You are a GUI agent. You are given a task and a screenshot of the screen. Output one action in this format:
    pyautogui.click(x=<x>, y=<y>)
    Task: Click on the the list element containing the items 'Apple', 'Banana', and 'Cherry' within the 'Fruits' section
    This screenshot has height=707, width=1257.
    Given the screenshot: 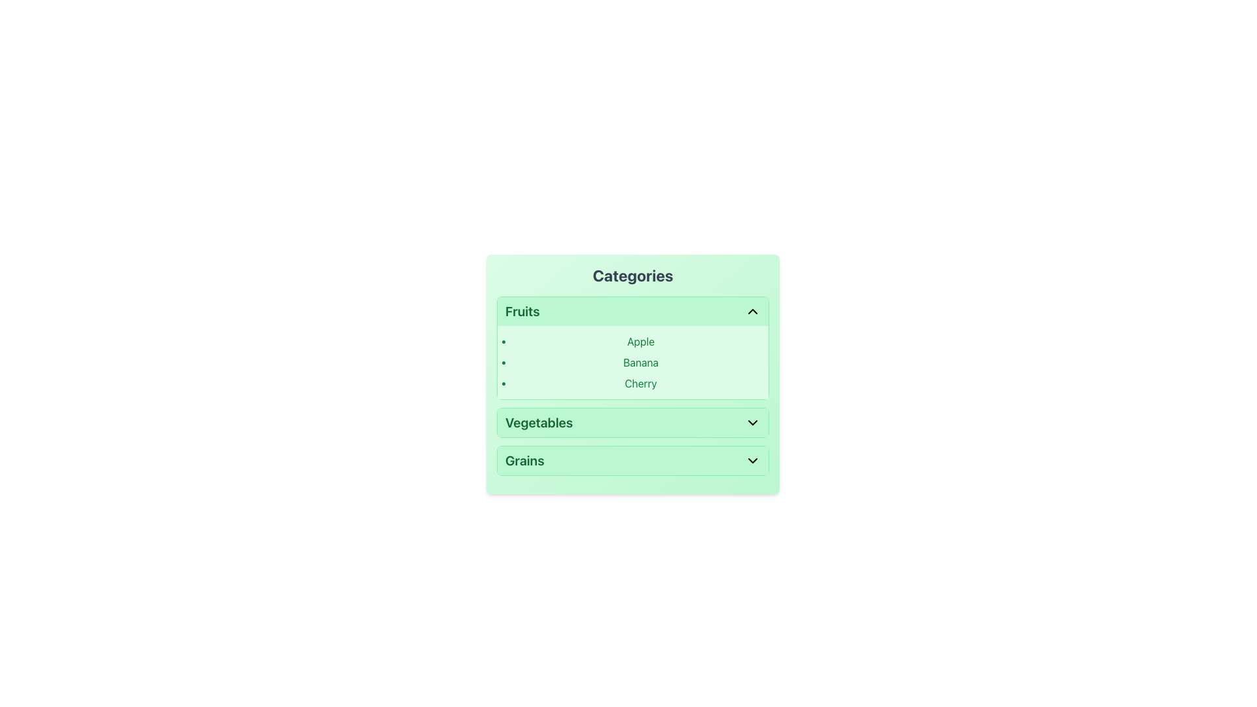 What is the action you would take?
    pyautogui.click(x=632, y=363)
    